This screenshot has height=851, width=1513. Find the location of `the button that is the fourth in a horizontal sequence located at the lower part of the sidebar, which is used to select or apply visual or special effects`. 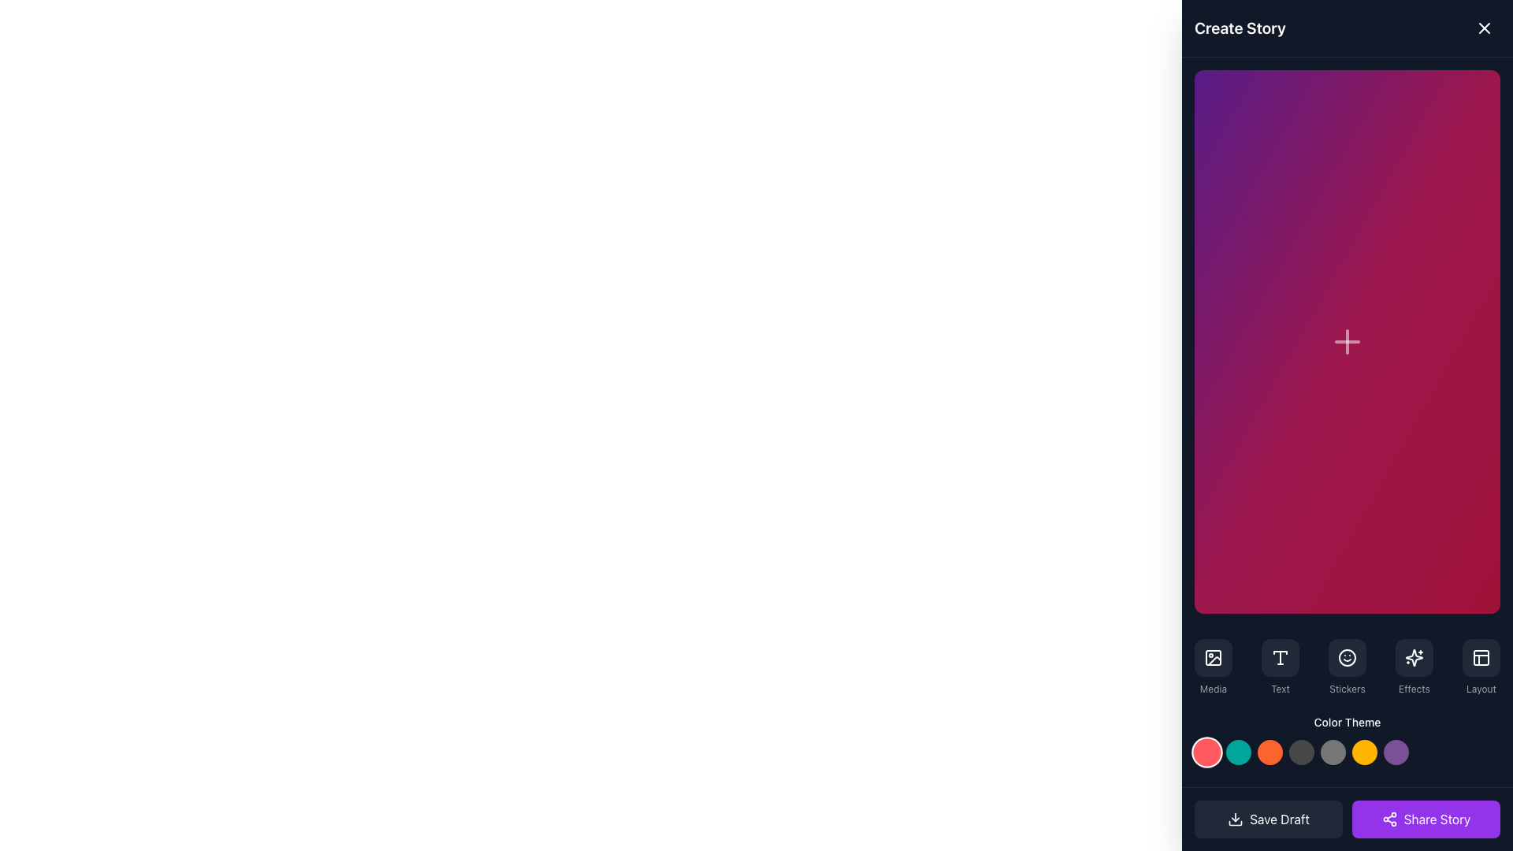

the button that is the fourth in a horizontal sequence located at the lower part of the sidebar, which is used to select or apply visual or special effects is located at coordinates (1414, 666).